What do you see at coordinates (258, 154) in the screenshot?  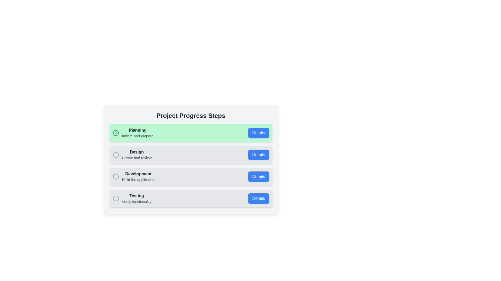 I see `'Details' button for the Design step` at bounding box center [258, 154].